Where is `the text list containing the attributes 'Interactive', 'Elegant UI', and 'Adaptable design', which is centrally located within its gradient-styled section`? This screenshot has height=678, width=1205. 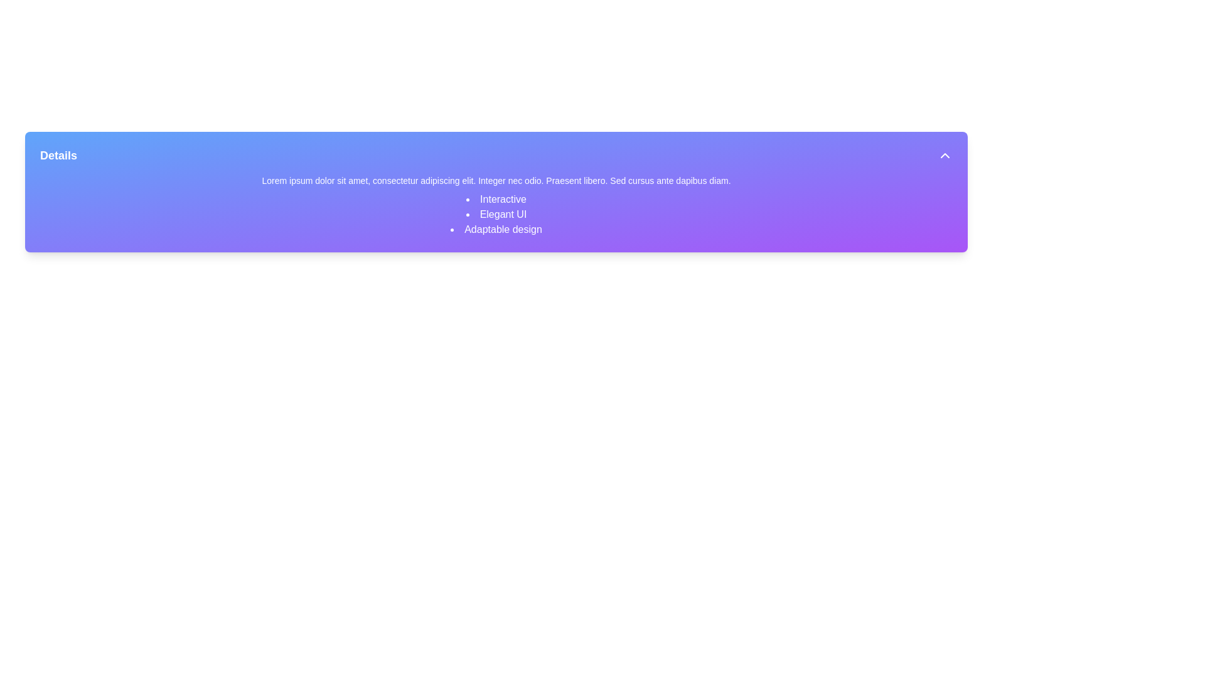 the text list containing the attributes 'Interactive', 'Elegant UI', and 'Adaptable design', which is centrally located within its gradient-styled section is located at coordinates (496, 214).